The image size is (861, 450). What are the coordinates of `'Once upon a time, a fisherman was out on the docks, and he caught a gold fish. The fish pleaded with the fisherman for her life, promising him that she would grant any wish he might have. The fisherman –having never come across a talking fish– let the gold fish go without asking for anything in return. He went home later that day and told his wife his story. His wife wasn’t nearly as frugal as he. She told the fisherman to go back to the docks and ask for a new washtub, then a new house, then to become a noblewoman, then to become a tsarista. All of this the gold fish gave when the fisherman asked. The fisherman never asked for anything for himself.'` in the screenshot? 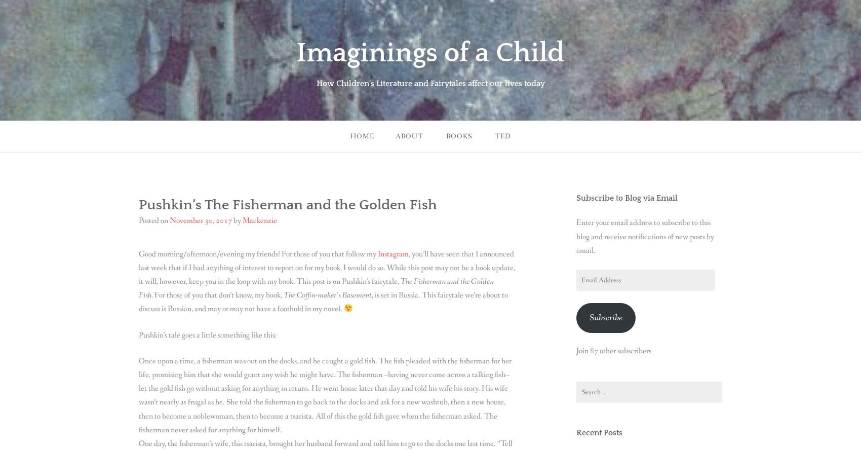 It's located at (139, 395).